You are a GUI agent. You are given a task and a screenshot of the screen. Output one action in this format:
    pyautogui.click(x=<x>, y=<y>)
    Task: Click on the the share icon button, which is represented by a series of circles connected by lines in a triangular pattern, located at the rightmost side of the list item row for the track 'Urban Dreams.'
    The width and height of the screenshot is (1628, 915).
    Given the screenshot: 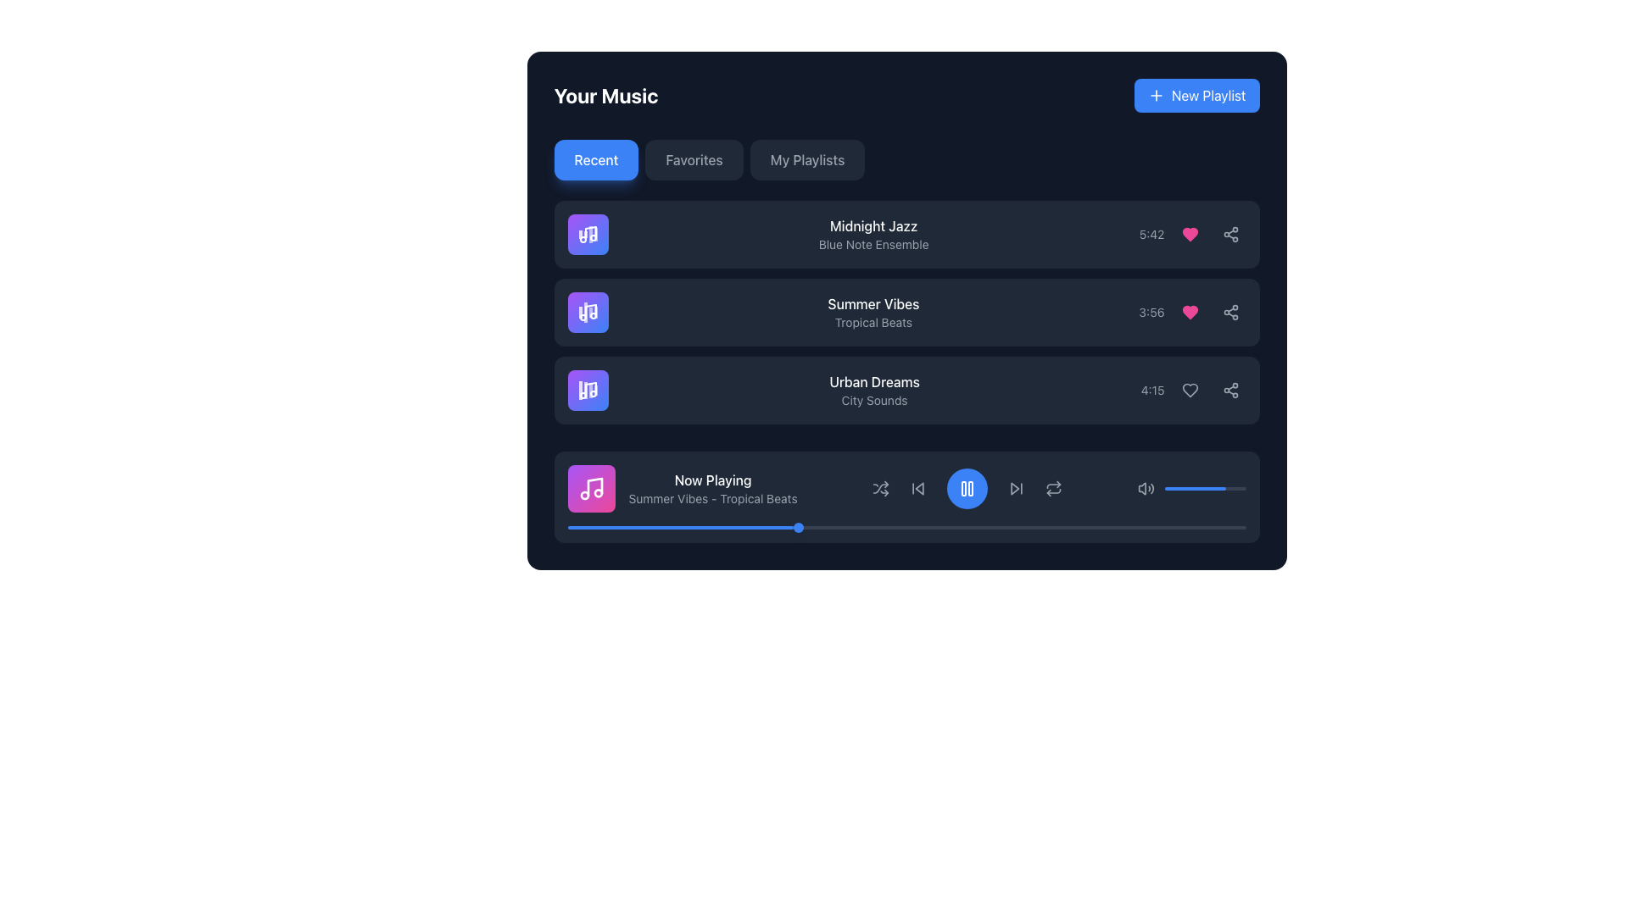 What is the action you would take?
    pyautogui.click(x=1230, y=391)
    